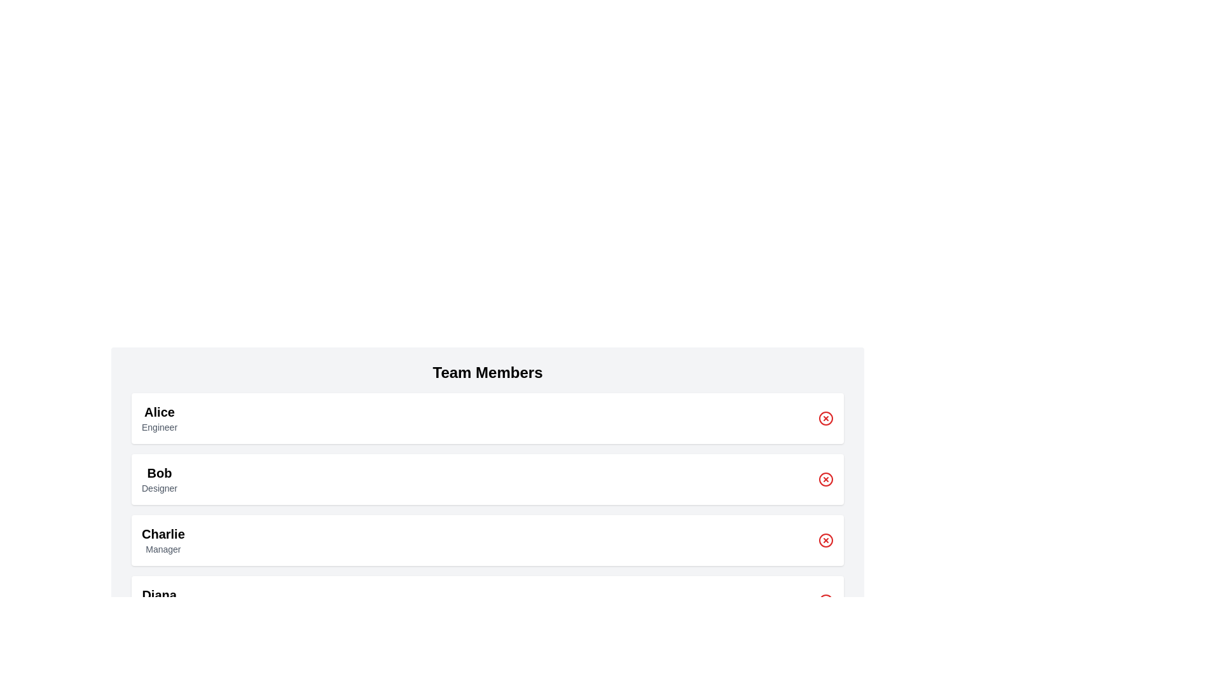  Describe the element at coordinates (158, 412) in the screenshot. I see `the text label for the team member 'Alice' which is the first entry` at that location.